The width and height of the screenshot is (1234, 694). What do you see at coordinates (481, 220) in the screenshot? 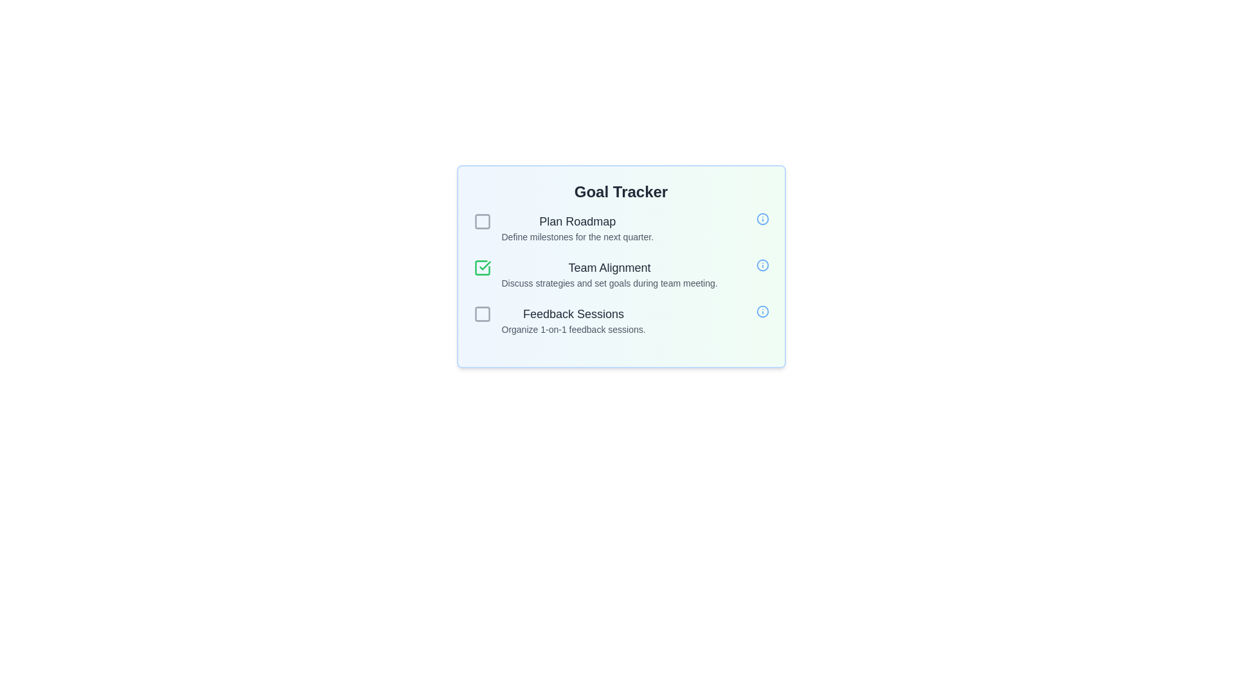
I see `the inactive checkbox for the 'Plan Roadmap' goal` at bounding box center [481, 220].